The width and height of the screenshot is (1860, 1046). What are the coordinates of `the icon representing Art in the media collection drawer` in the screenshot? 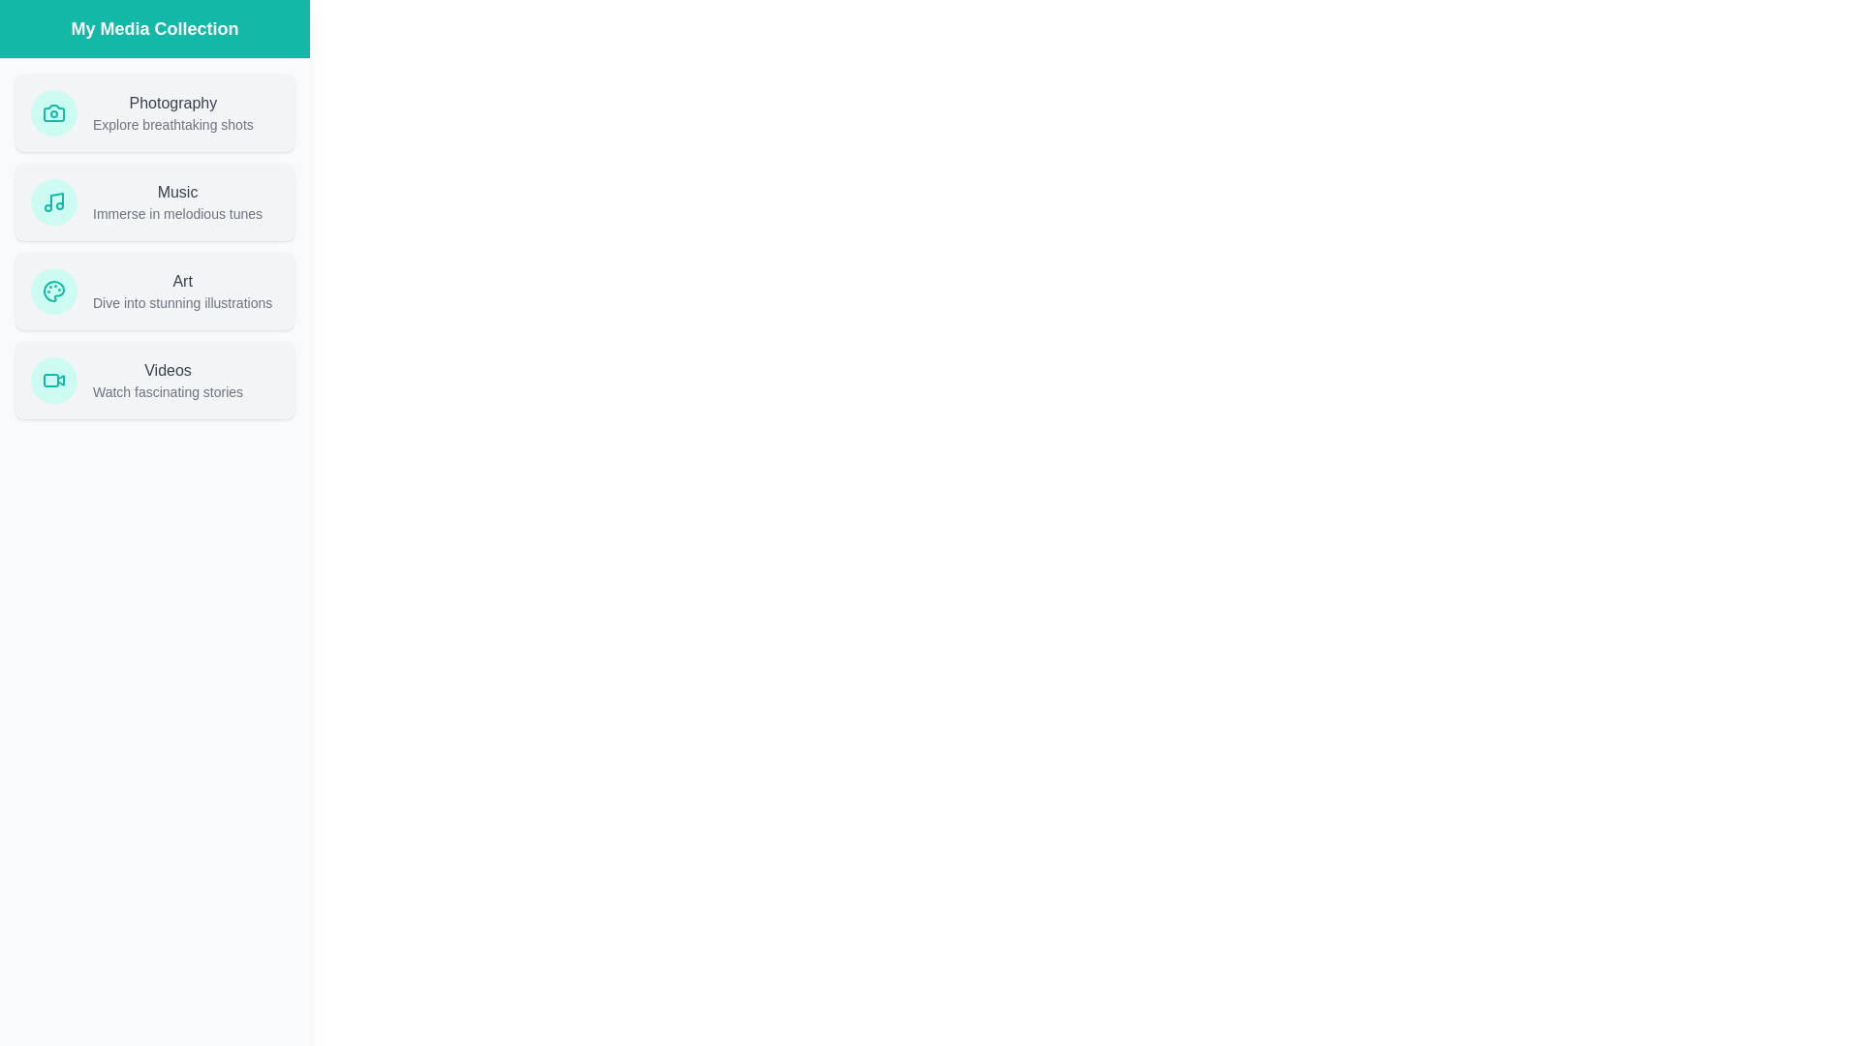 It's located at (54, 291).